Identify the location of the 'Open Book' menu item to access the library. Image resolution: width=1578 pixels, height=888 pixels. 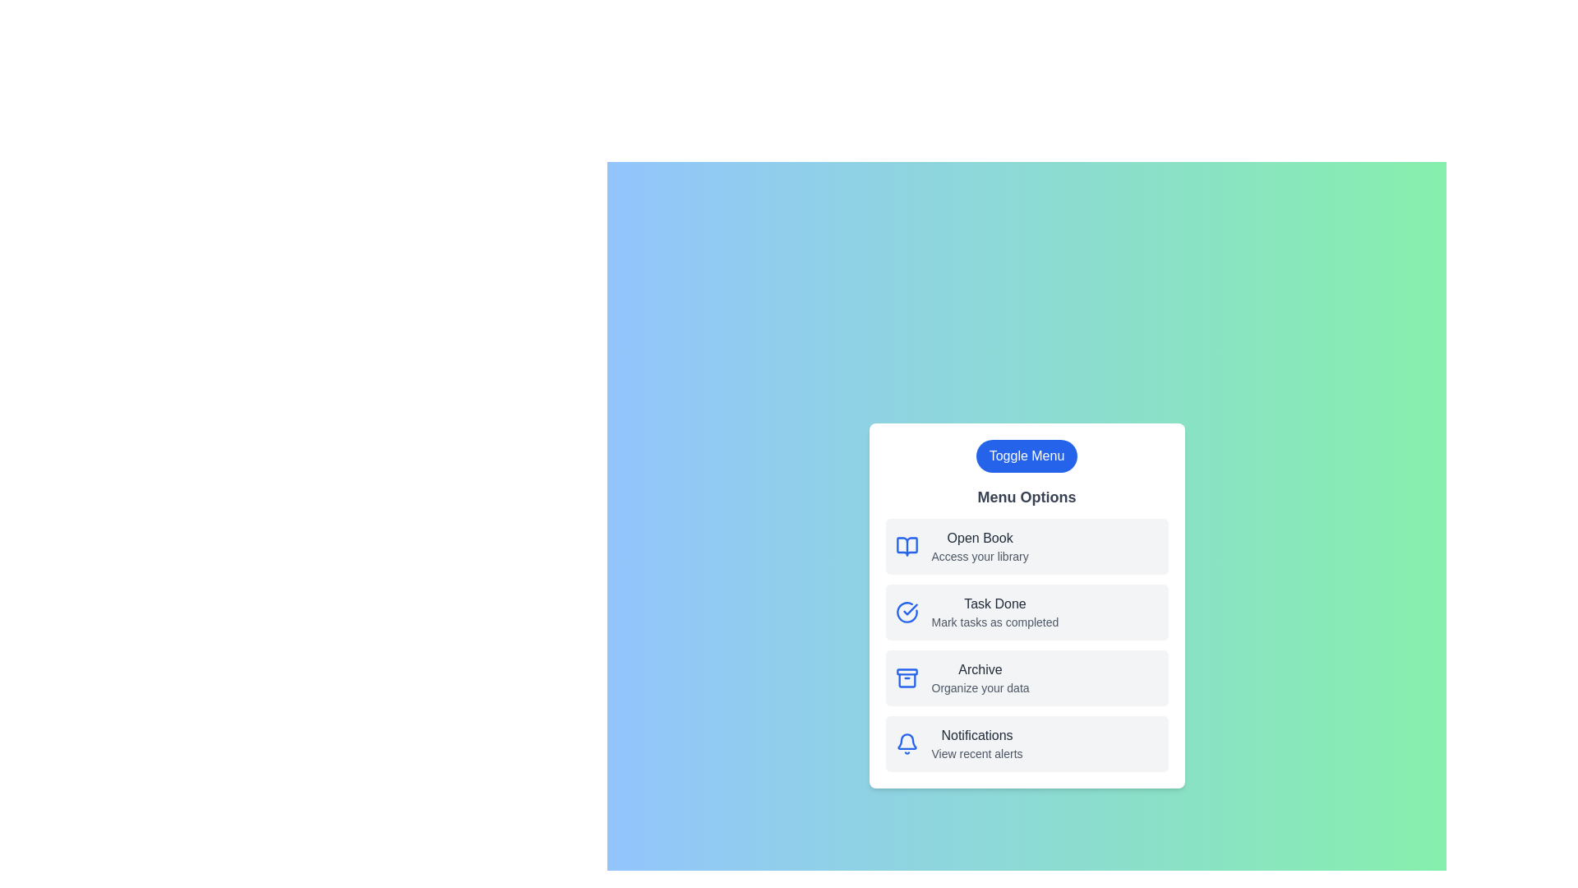
(1026, 546).